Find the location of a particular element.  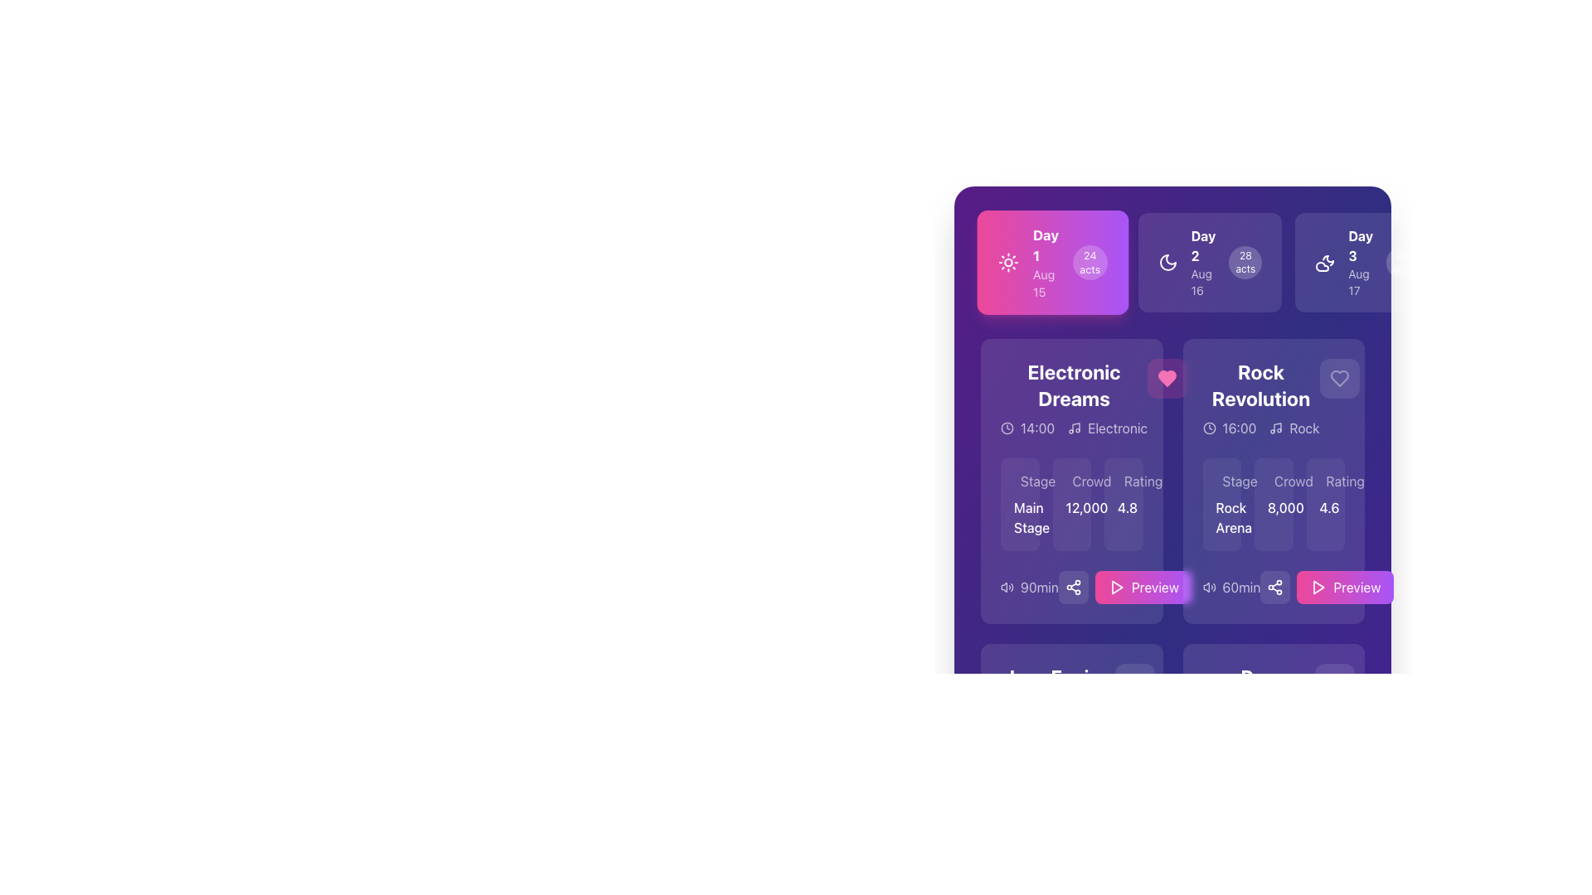

the rectangular button with a gradient background that contains a white play icon and the word 'Preview' in white text, located in the bottom right quadrant of the 'Electronic Dreams' card section is located at coordinates (1125, 587).